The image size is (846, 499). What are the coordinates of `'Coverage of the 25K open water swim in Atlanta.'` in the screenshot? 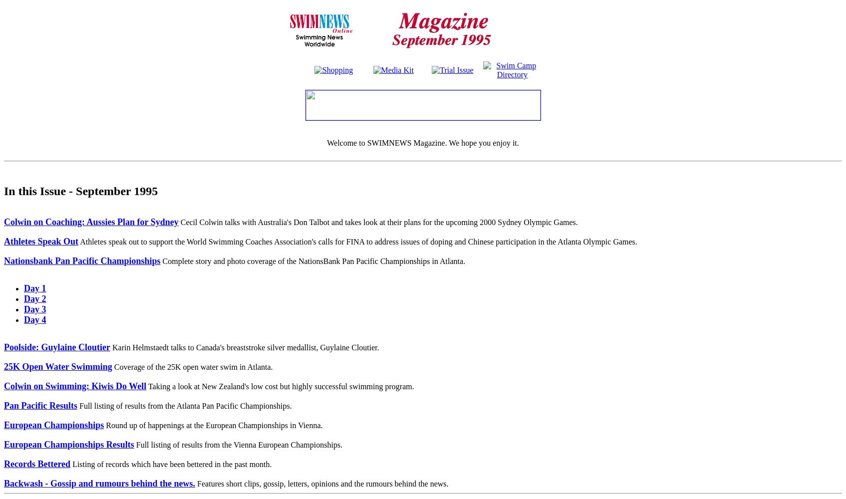 It's located at (111, 366).